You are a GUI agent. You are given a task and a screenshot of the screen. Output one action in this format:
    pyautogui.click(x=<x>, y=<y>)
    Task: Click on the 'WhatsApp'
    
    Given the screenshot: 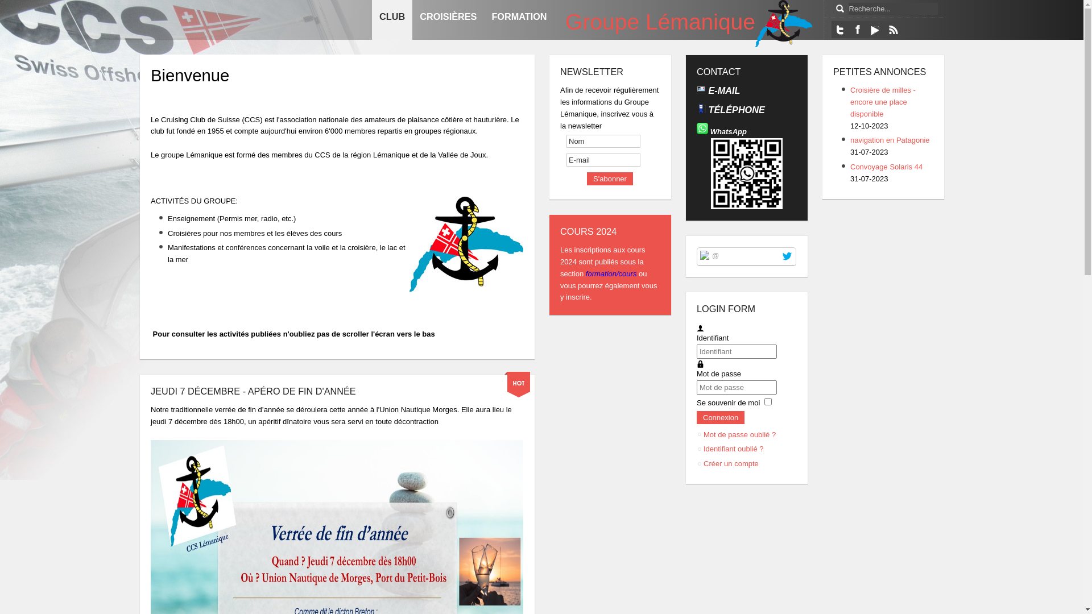 What is the action you would take?
    pyautogui.click(x=729, y=131)
    